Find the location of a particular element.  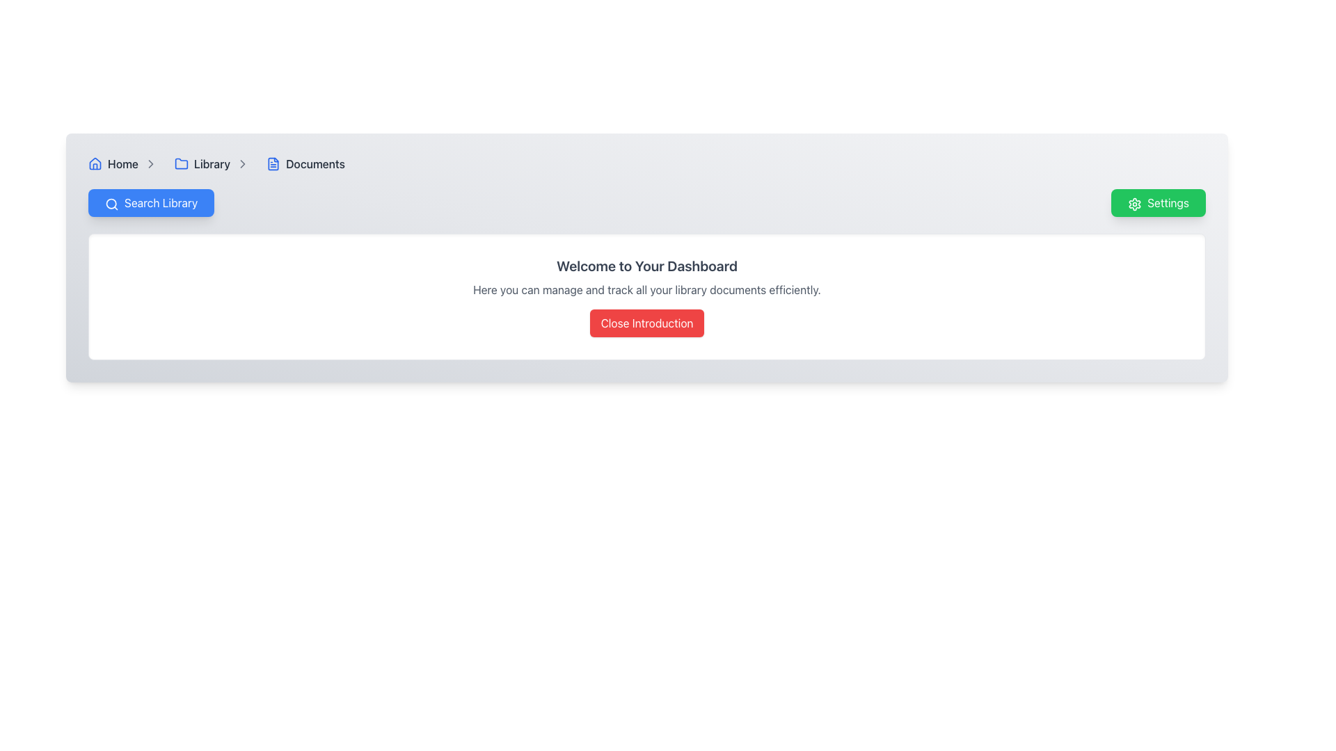

the 'Search Library' button with a blue background and white text is located at coordinates (151, 203).